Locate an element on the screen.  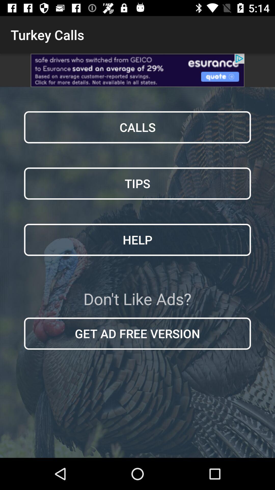
view advertisements options is located at coordinates (137, 70).